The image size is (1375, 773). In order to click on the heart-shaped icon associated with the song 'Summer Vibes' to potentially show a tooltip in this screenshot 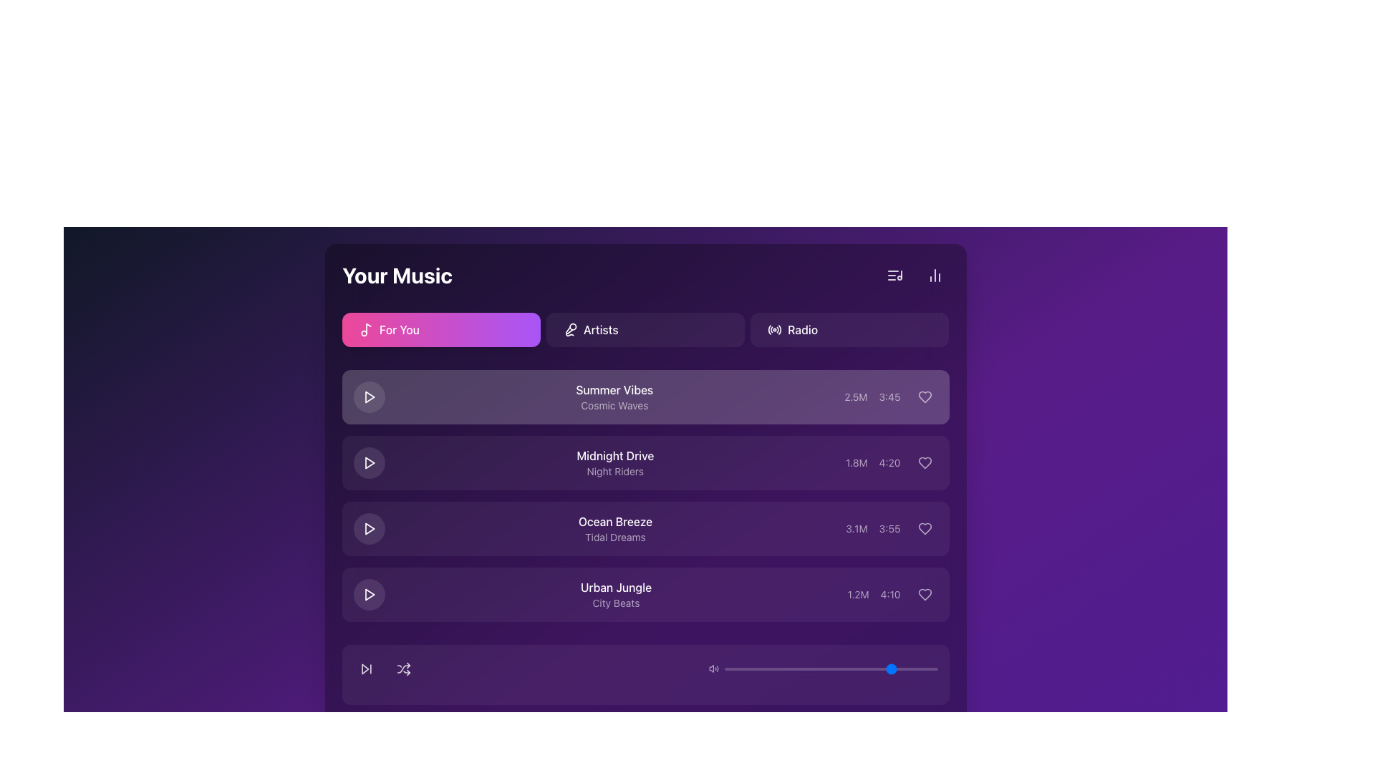, I will do `click(925, 397)`.